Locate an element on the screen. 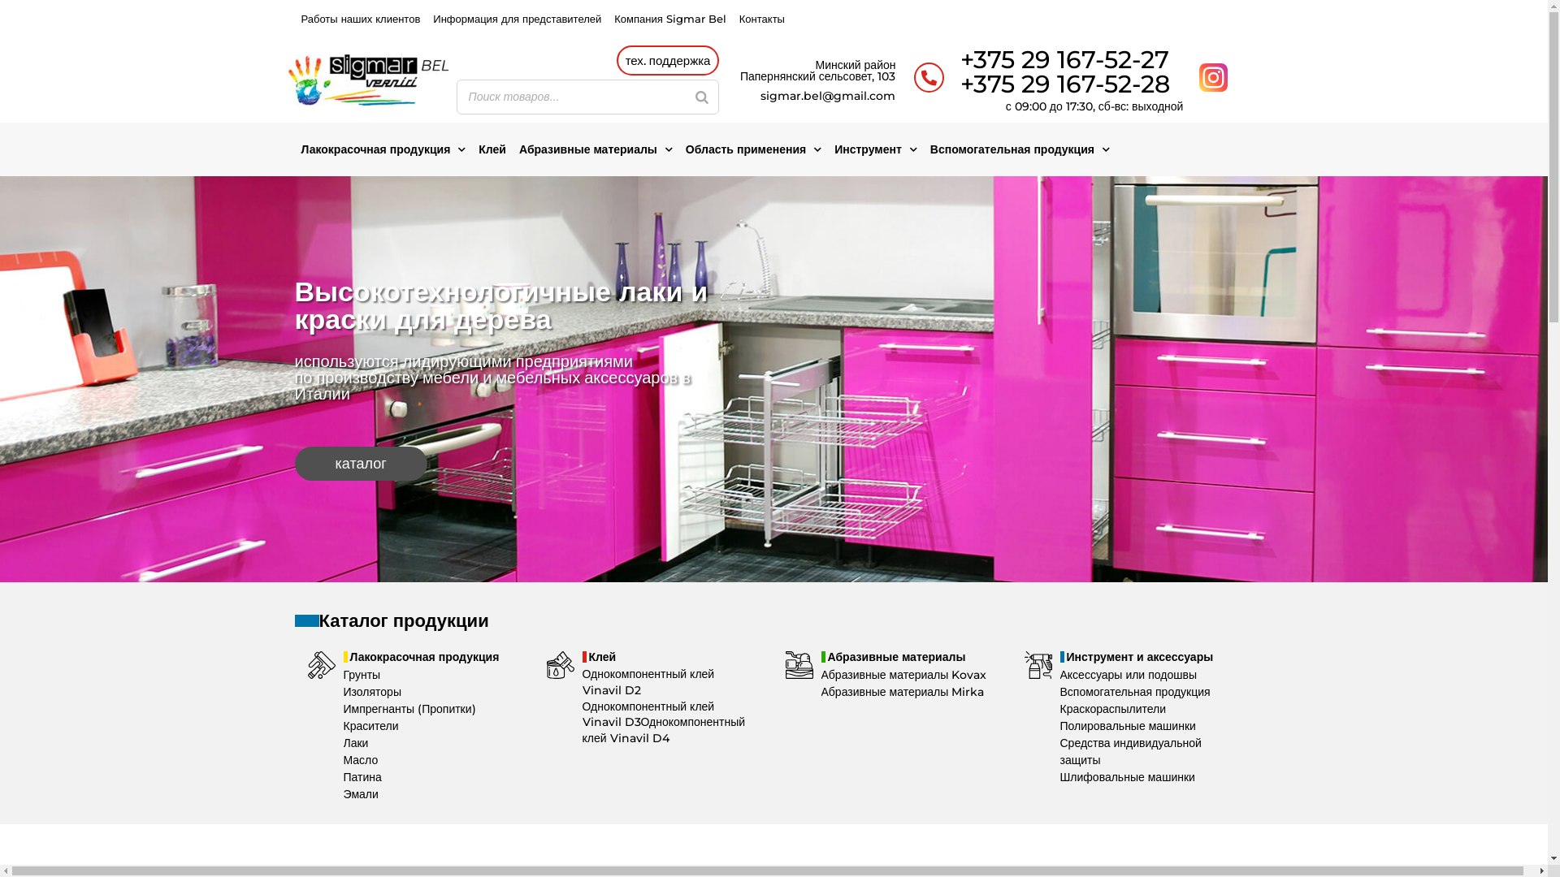 The image size is (1560, 877). '+375 29 167-52-28' is located at coordinates (1064, 84).